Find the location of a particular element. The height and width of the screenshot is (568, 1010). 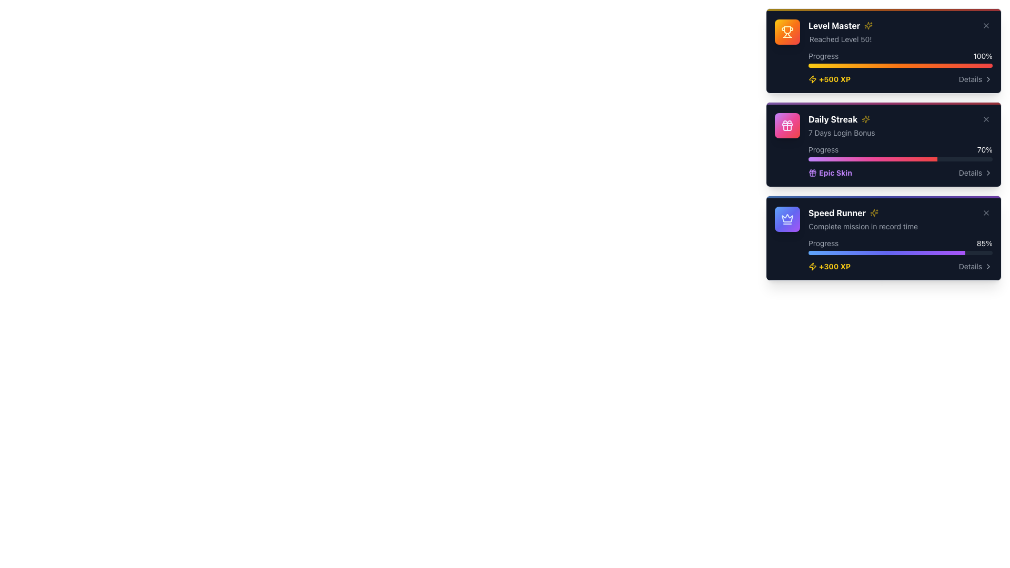

the Chevron Right icon located to the right of the 'Details' text in the second card labeled 'Daily Streak' for visual feedback is located at coordinates (987, 172).